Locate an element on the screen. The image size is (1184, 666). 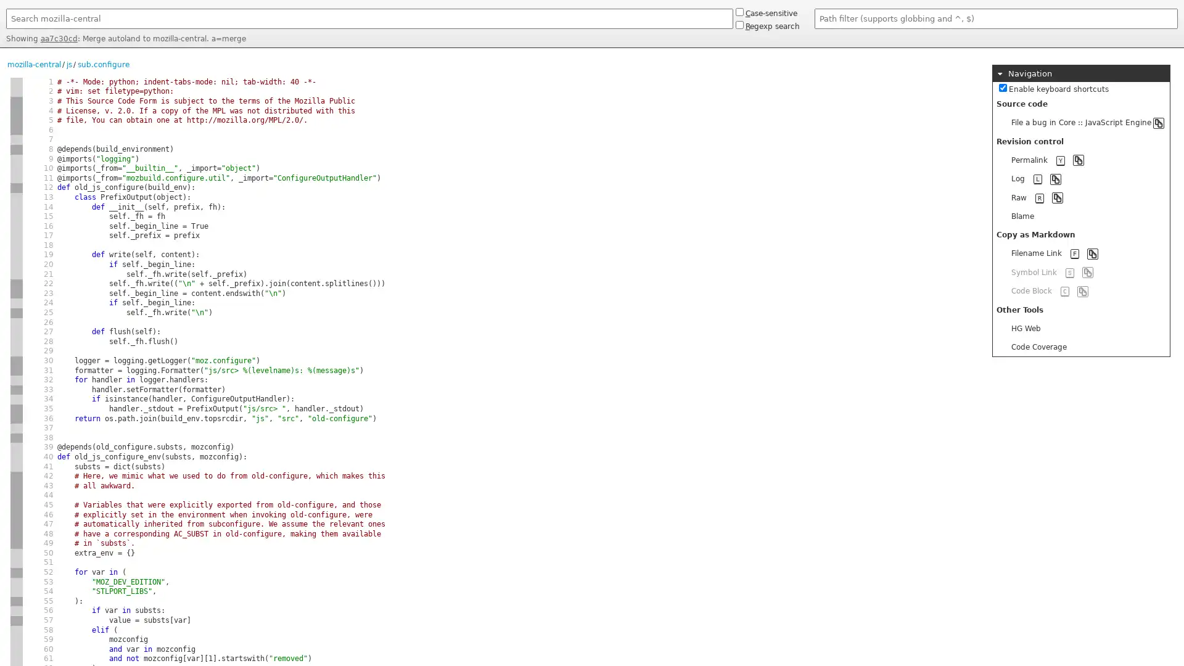
new hash 3 is located at coordinates (17, 284).